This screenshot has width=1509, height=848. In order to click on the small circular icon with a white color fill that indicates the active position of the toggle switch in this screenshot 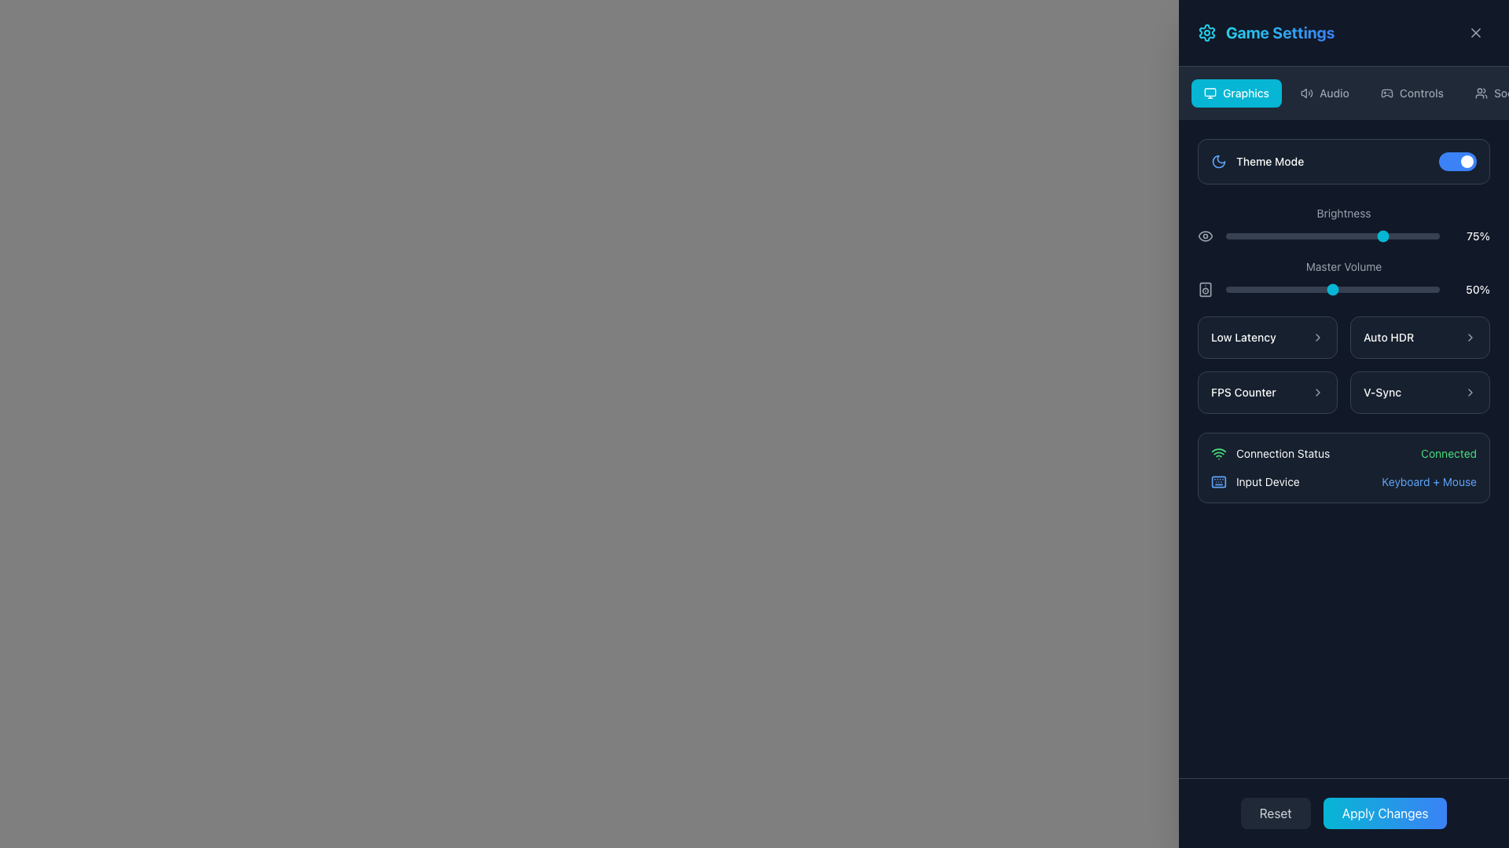, I will do `click(1467, 161)`.